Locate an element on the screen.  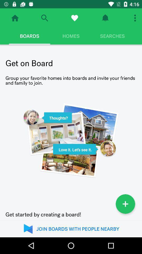
go home is located at coordinates (15, 18).